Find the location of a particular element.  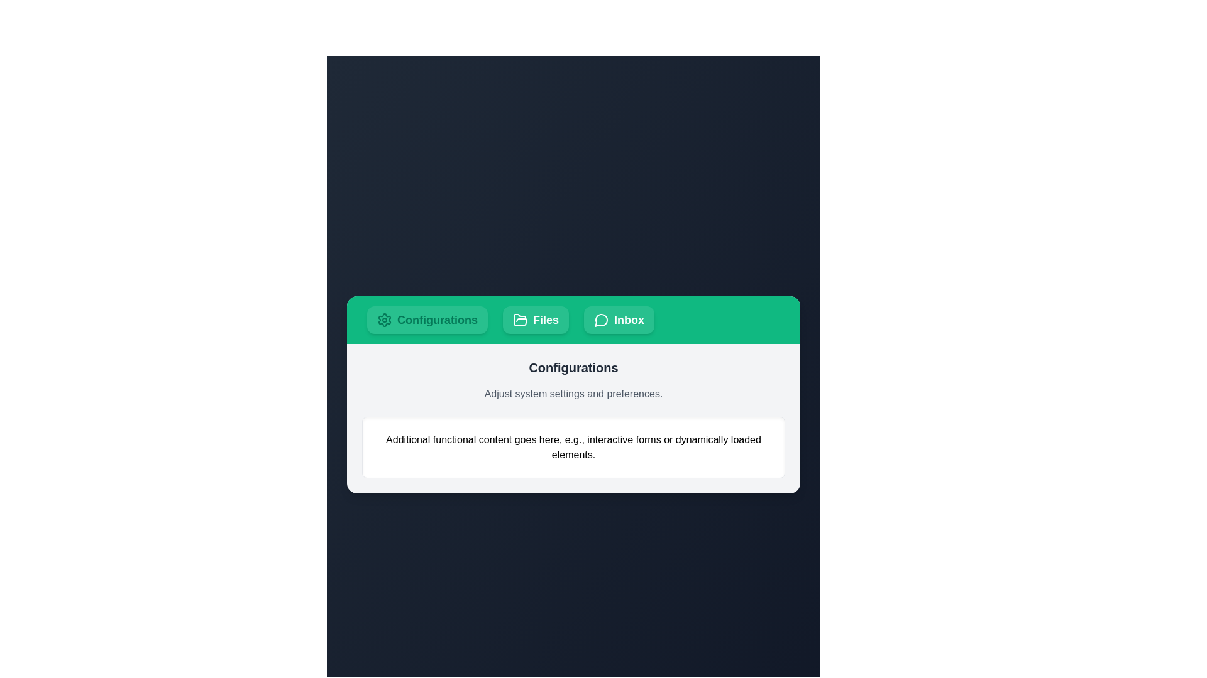

the tab identified by Inbox is located at coordinates (619, 319).